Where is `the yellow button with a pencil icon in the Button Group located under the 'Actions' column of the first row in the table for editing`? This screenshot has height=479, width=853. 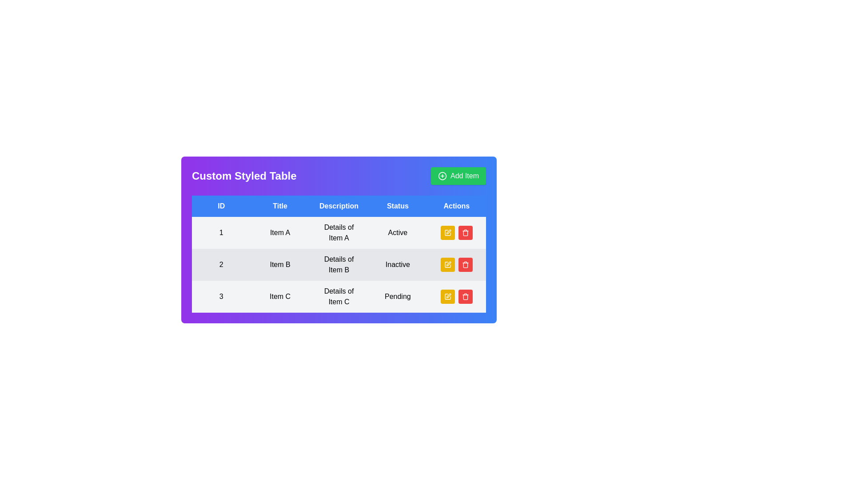 the yellow button with a pencil icon in the Button Group located under the 'Actions' column of the first row in the table for editing is located at coordinates (456, 232).